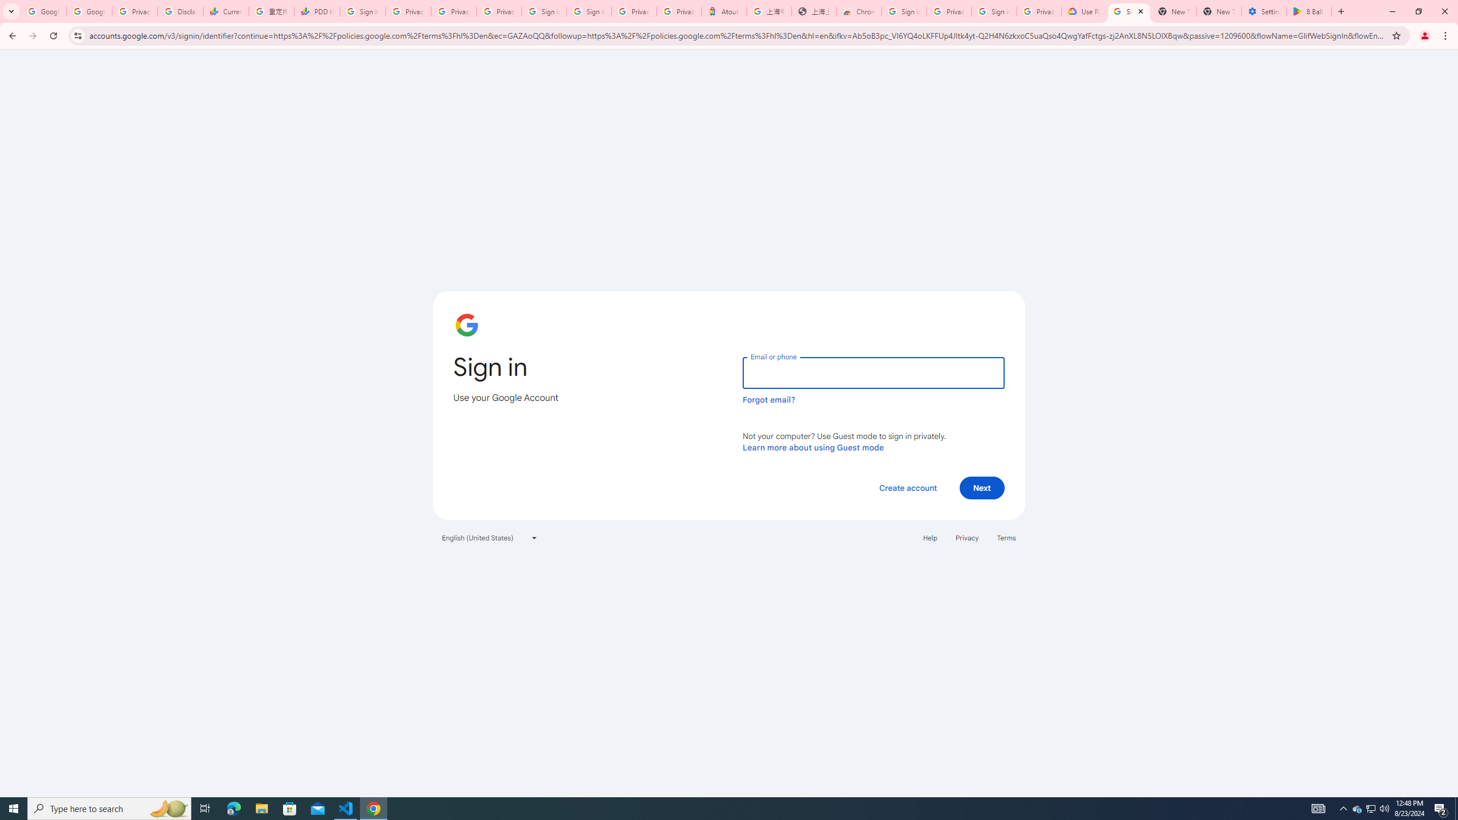 This screenshot has width=1458, height=820. What do you see at coordinates (225, 11) in the screenshot?
I see `'Currencies - Google Finance'` at bounding box center [225, 11].